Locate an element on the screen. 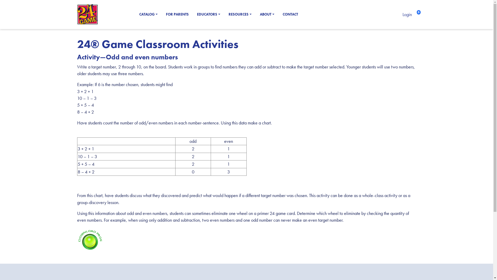 The width and height of the screenshot is (497, 280). 'RESOURCES' is located at coordinates (224, 14).